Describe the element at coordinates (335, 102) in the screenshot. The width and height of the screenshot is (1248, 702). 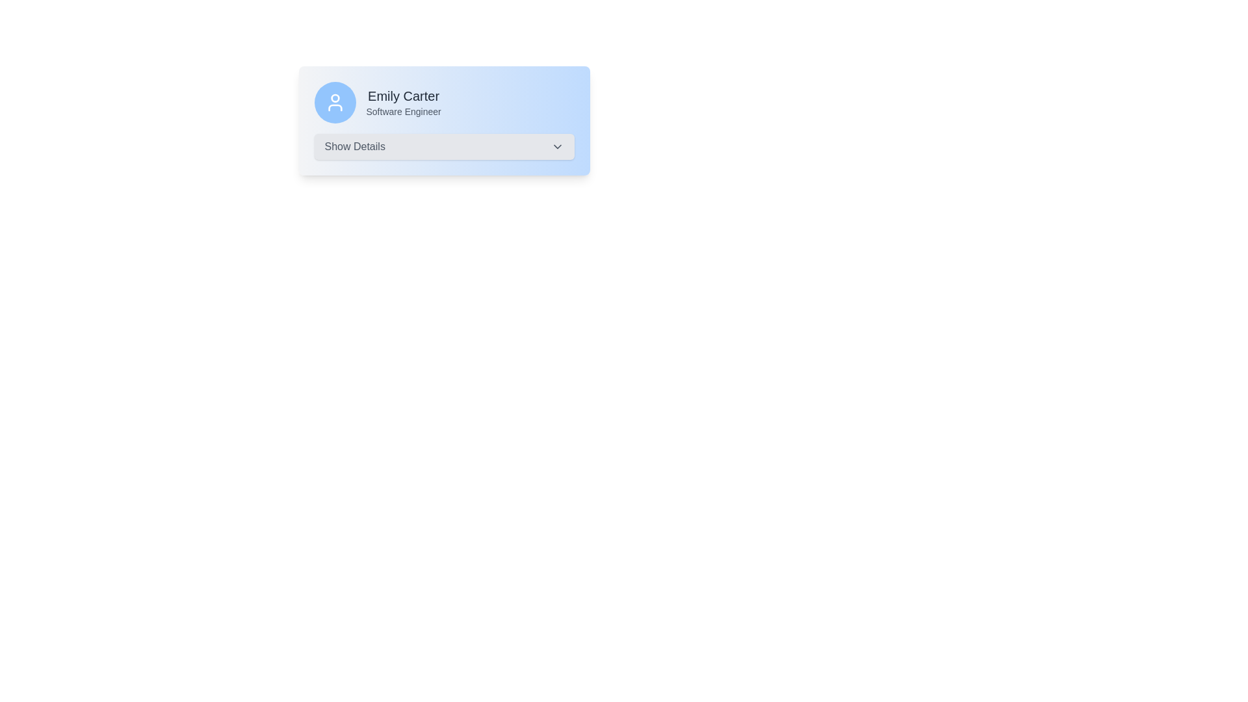
I see `the circular blue avatar icon with a user silhouette inside it, located to the left of the text 'Emily Carter'` at that location.